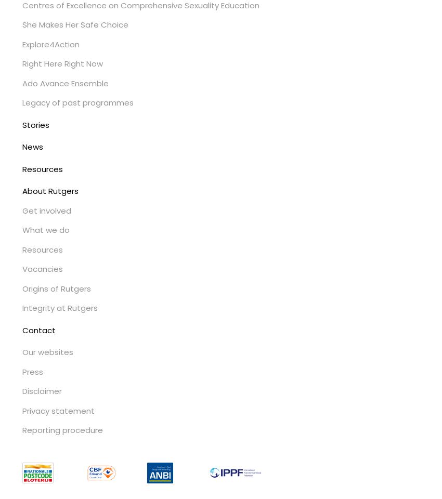 This screenshot has width=442, height=499. What do you see at coordinates (45, 230) in the screenshot?
I see `'What we do'` at bounding box center [45, 230].